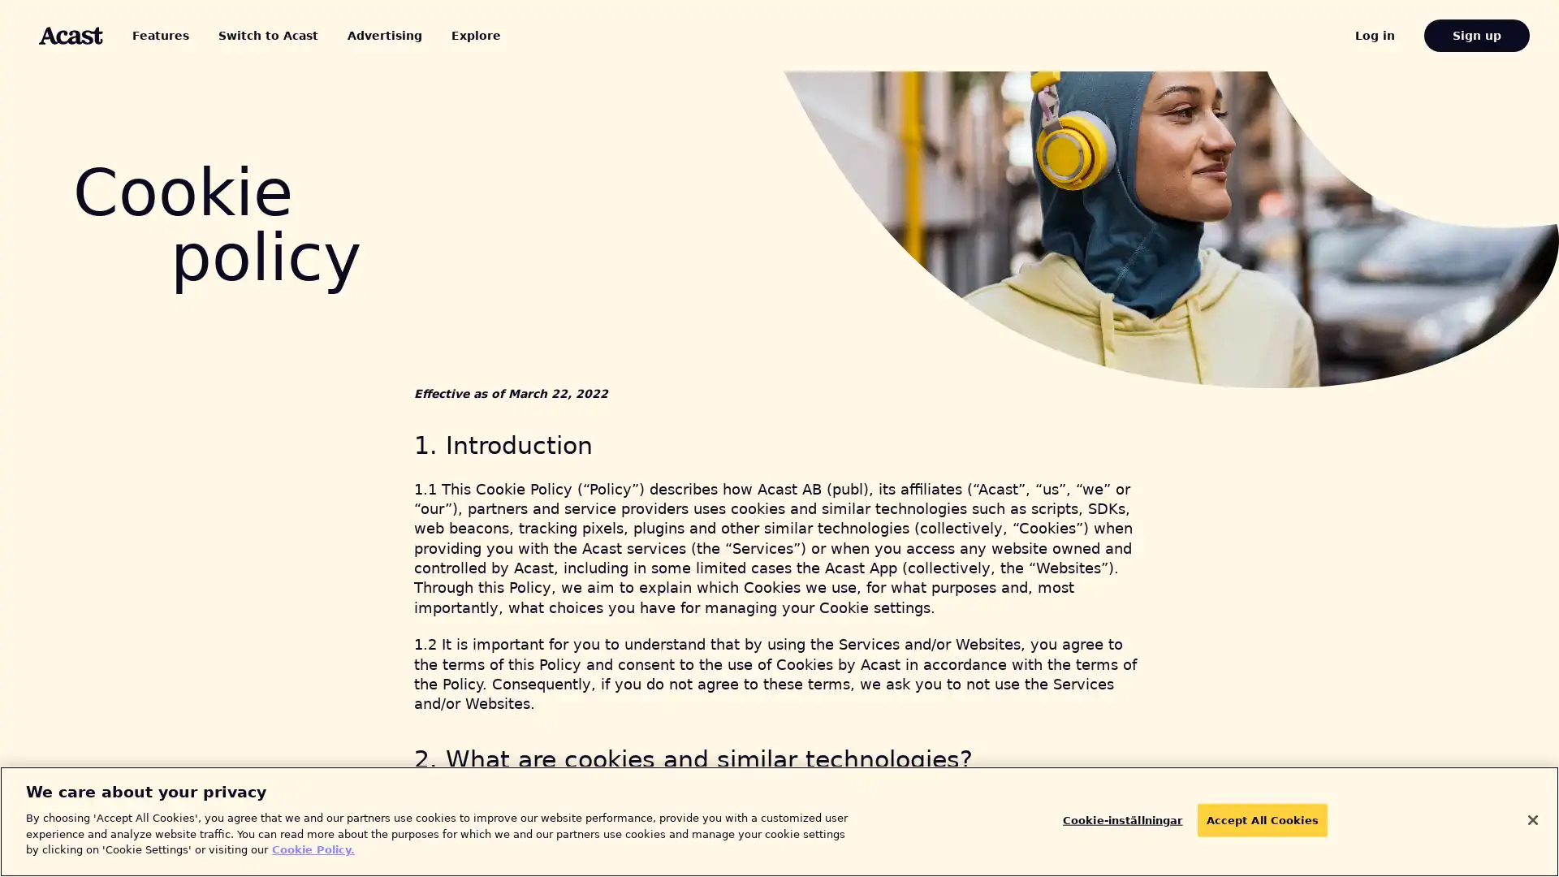 This screenshot has height=877, width=1559. I want to click on Features, so click(163, 35).